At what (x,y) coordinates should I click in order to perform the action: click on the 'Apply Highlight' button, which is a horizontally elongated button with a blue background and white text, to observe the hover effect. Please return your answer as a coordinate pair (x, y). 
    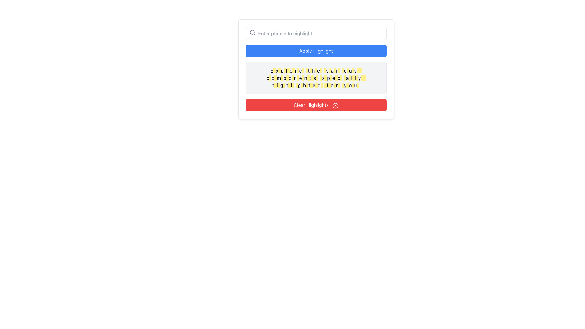
    Looking at the image, I should click on (316, 50).